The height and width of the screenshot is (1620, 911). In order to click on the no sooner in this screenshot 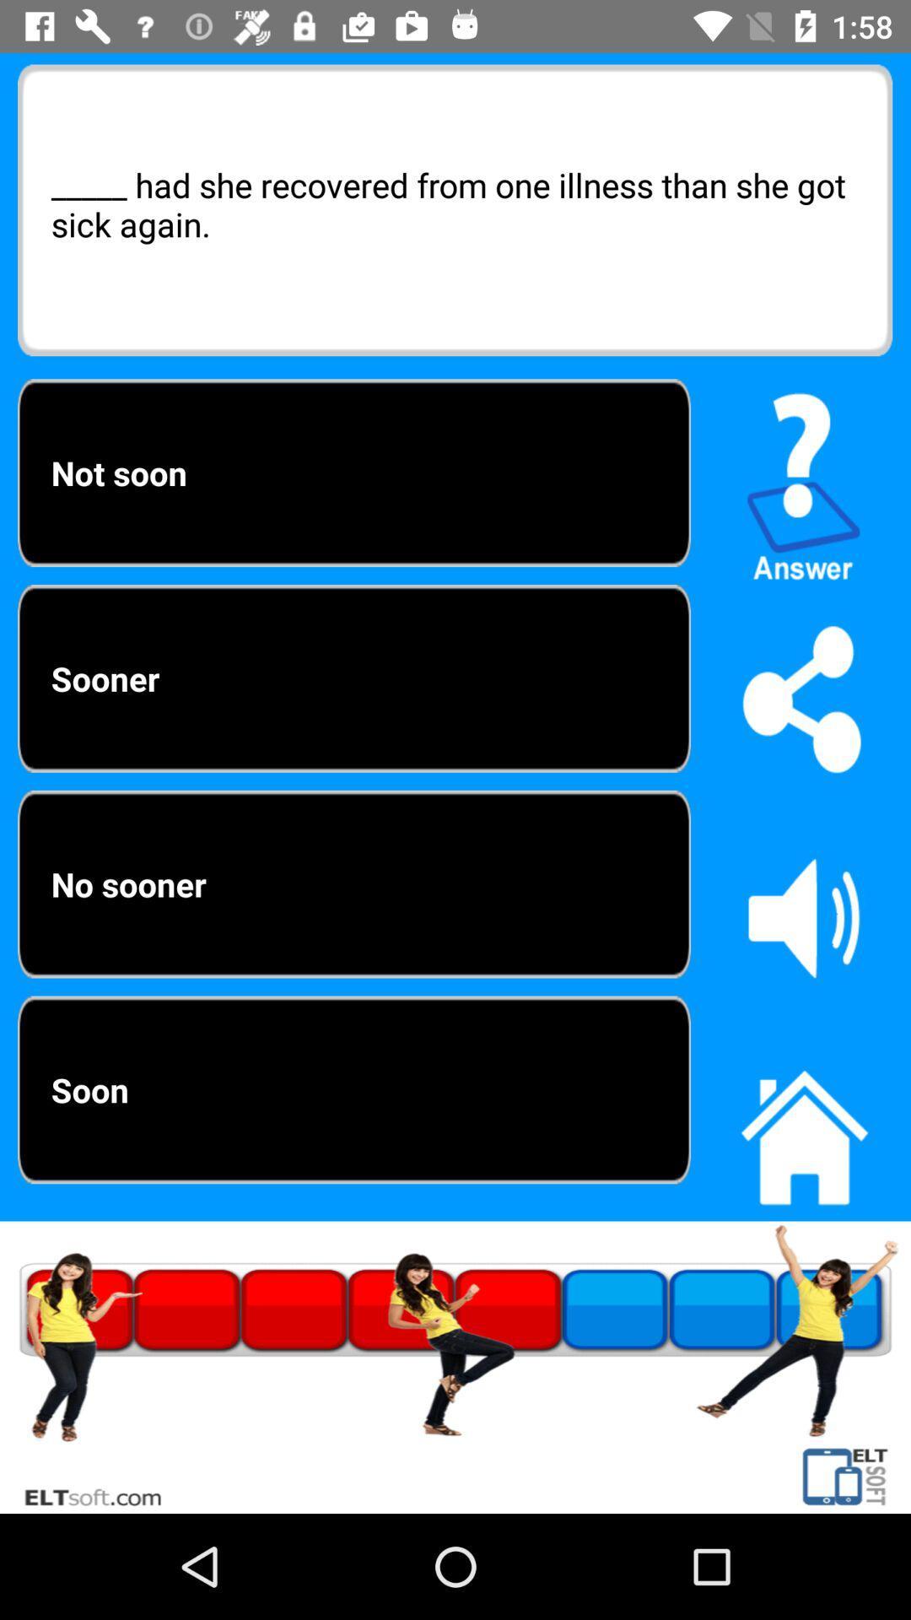, I will do `click(353, 883)`.